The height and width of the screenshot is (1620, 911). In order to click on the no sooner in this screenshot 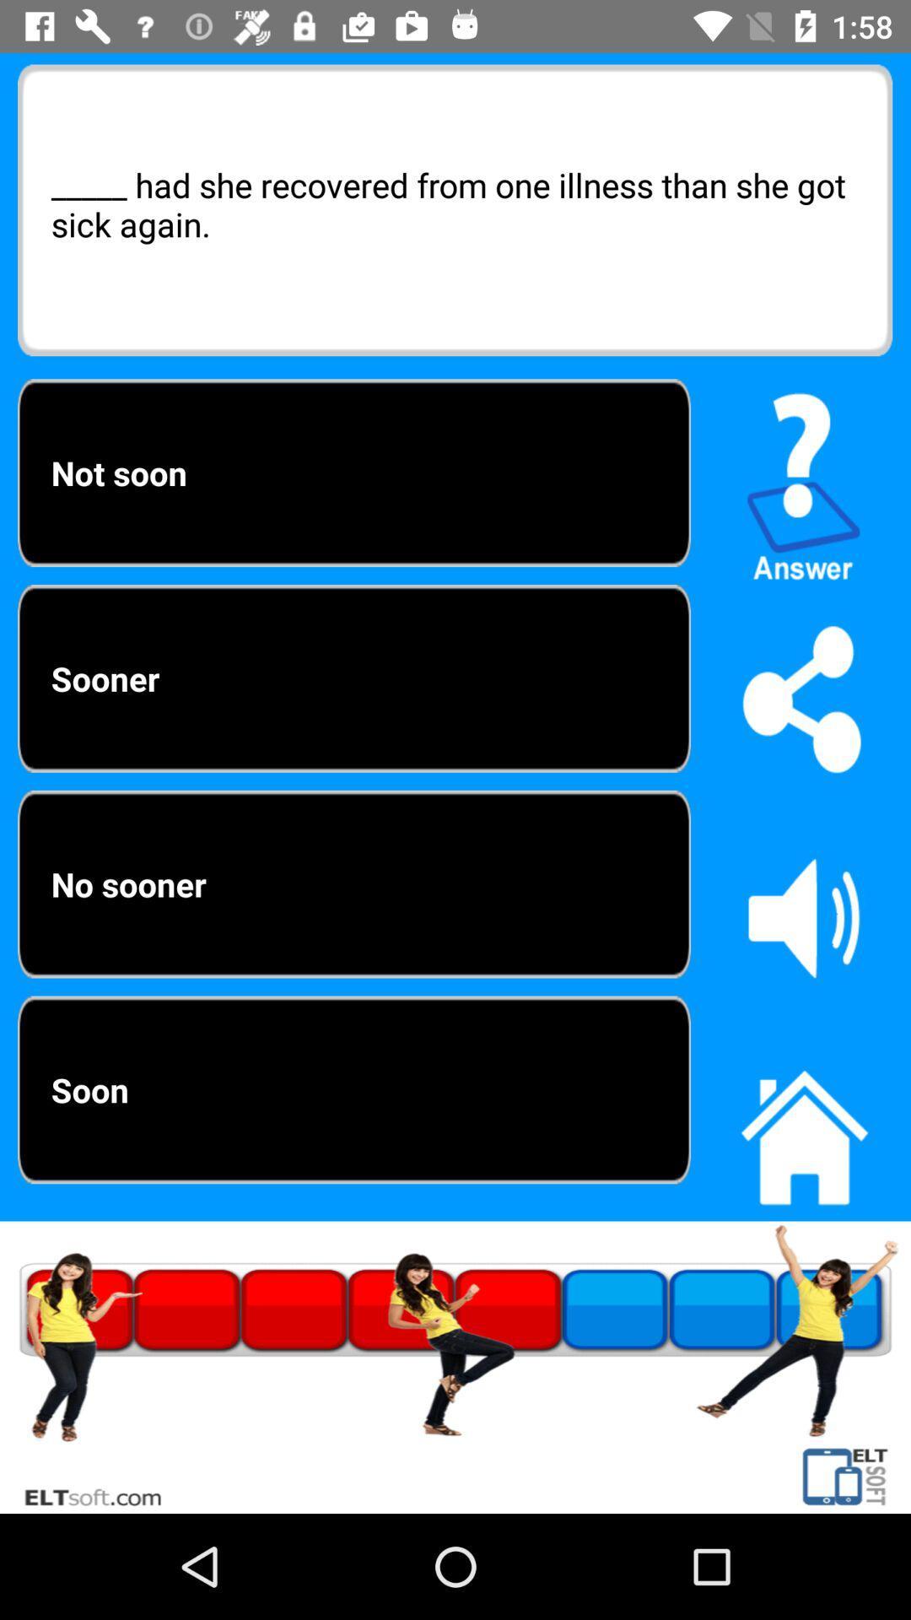, I will do `click(353, 883)`.